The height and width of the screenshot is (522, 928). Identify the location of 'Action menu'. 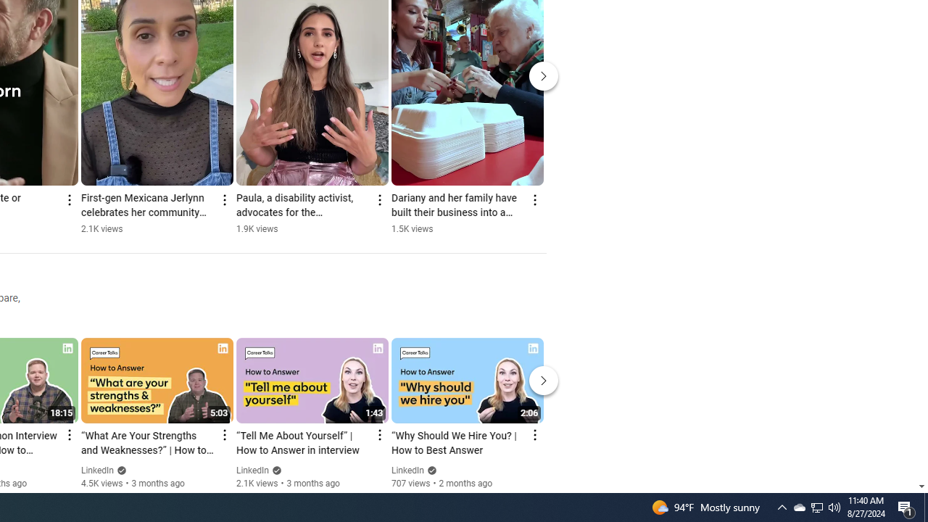
(534, 434).